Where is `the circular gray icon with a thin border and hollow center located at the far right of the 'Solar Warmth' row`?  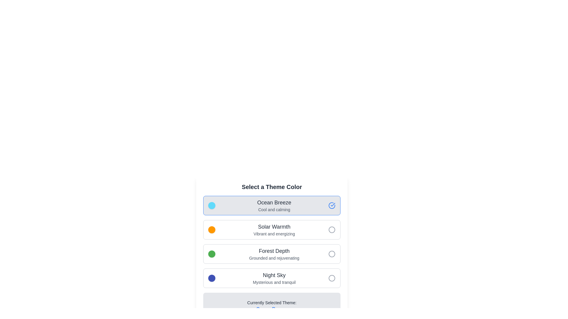
the circular gray icon with a thin border and hollow center located at the far right of the 'Solar Warmth' row is located at coordinates (332, 230).